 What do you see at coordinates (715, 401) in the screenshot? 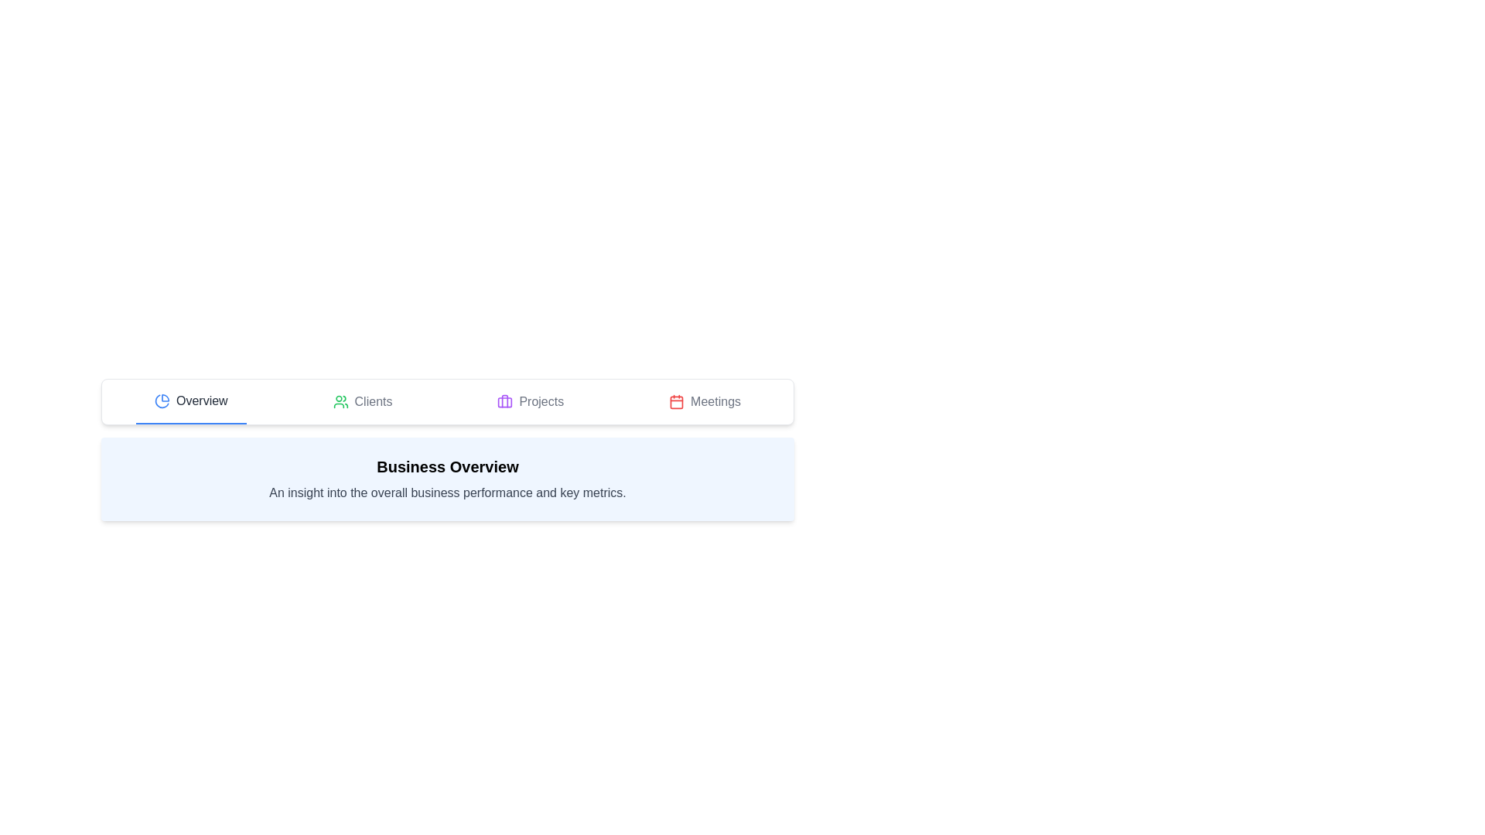
I see `the text label reading 'Meetings', which is styled in gray and located within the navigation menu, adjacent to a calendar icon` at bounding box center [715, 401].